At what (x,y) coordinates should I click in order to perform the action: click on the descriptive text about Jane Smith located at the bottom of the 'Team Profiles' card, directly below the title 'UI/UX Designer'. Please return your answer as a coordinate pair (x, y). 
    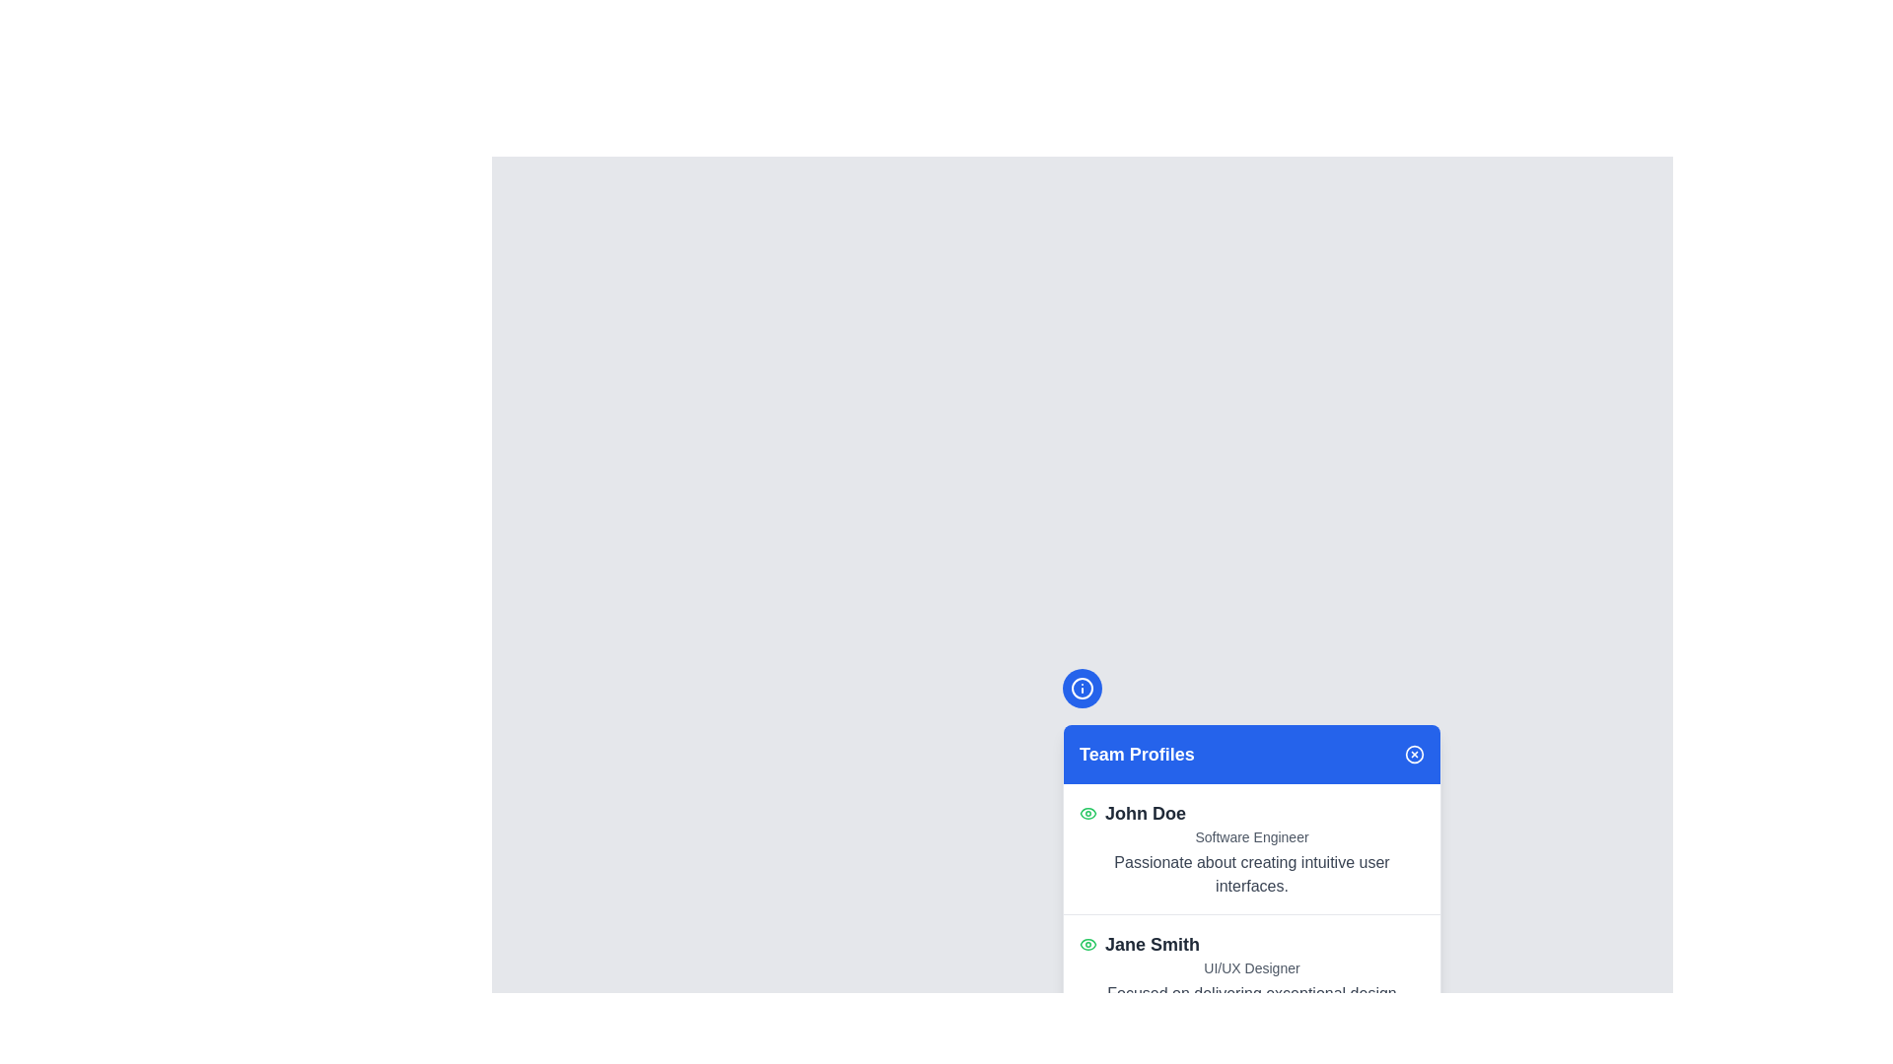
    Looking at the image, I should click on (1251, 1006).